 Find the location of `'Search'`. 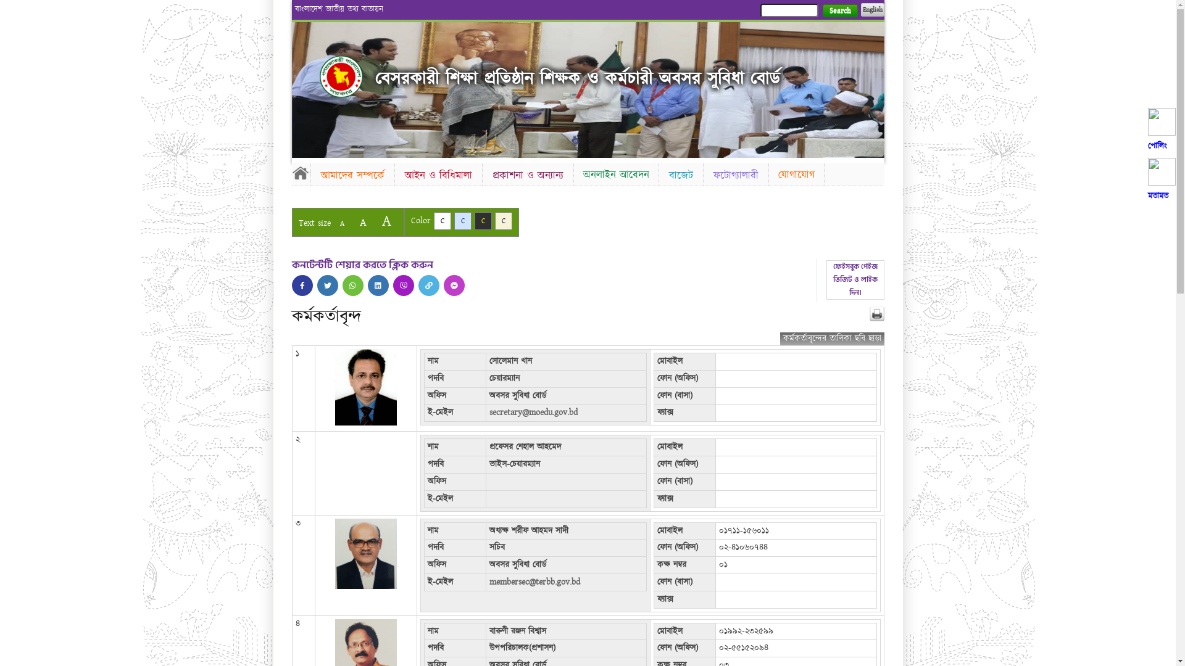

'Search' is located at coordinates (839, 10).